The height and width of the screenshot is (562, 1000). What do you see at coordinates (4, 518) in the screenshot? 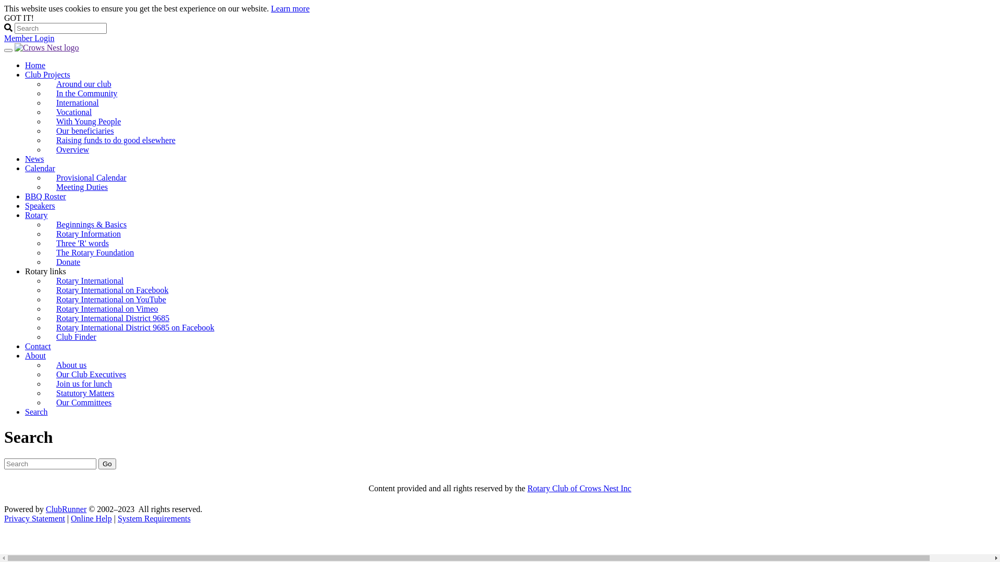
I see `'Privacy Statement'` at bounding box center [4, 518].